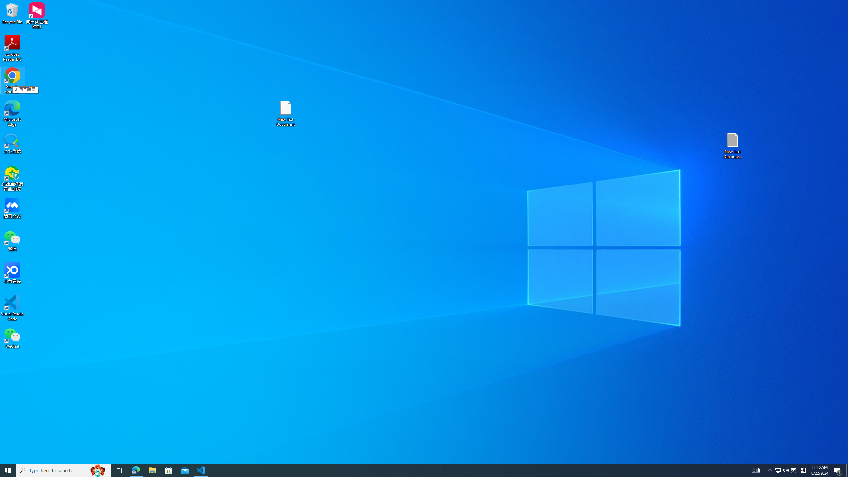 Image resolution: width=848 pixels, height=477 pixels. I want to click on 'Visual Studio Code - 1 running window', so click(201, 470).